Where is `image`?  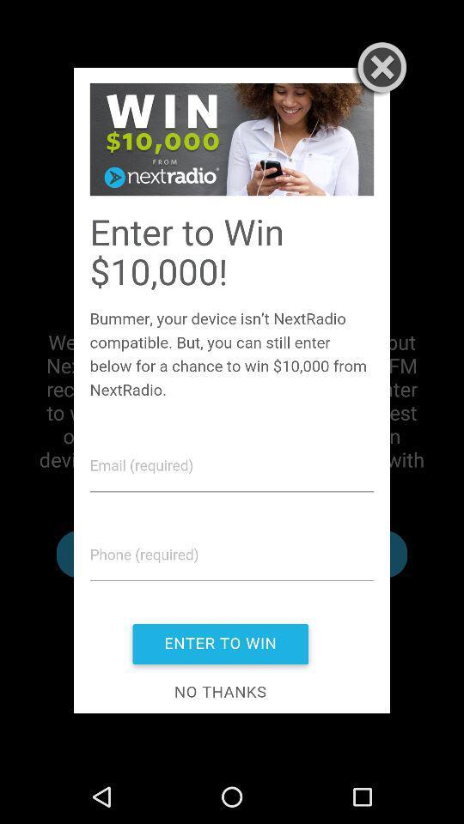 image is located at coordinates (232, 391).